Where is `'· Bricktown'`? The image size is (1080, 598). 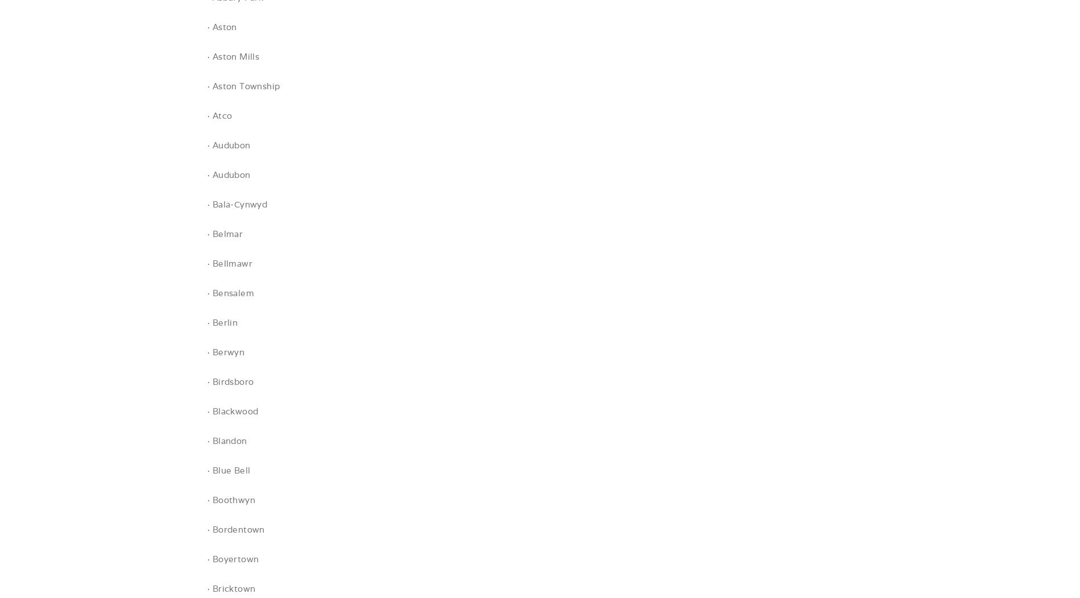
'· Bricktown' is located at coordinates (206, 588).